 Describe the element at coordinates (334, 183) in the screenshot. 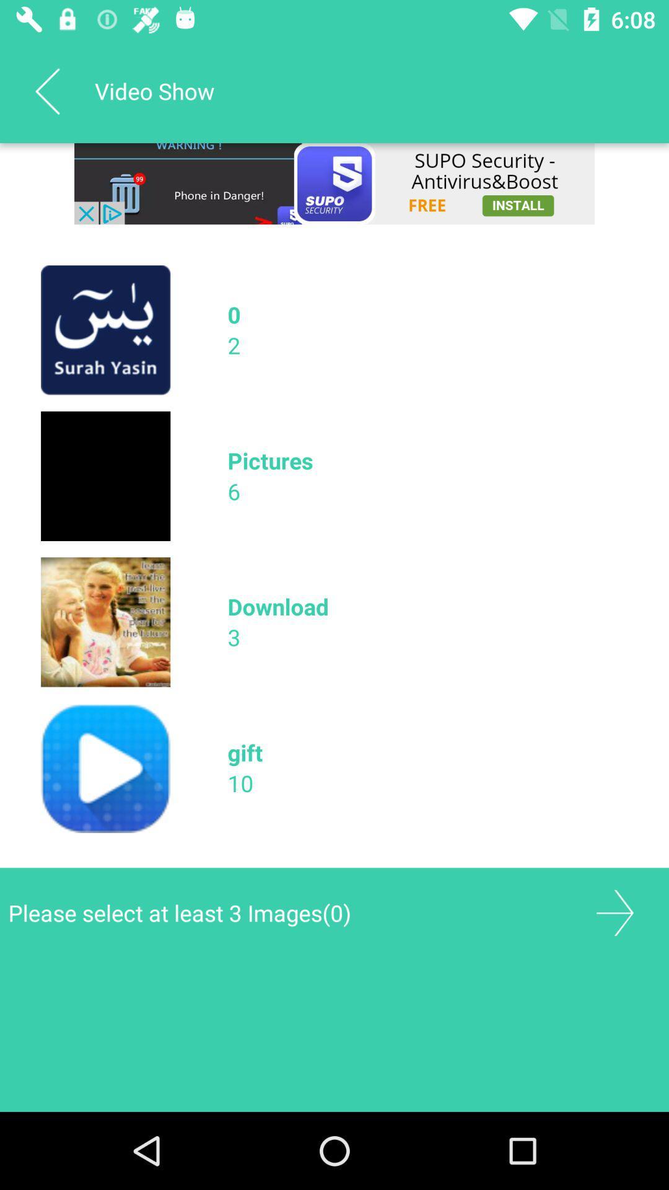

I see `install app` at that location.